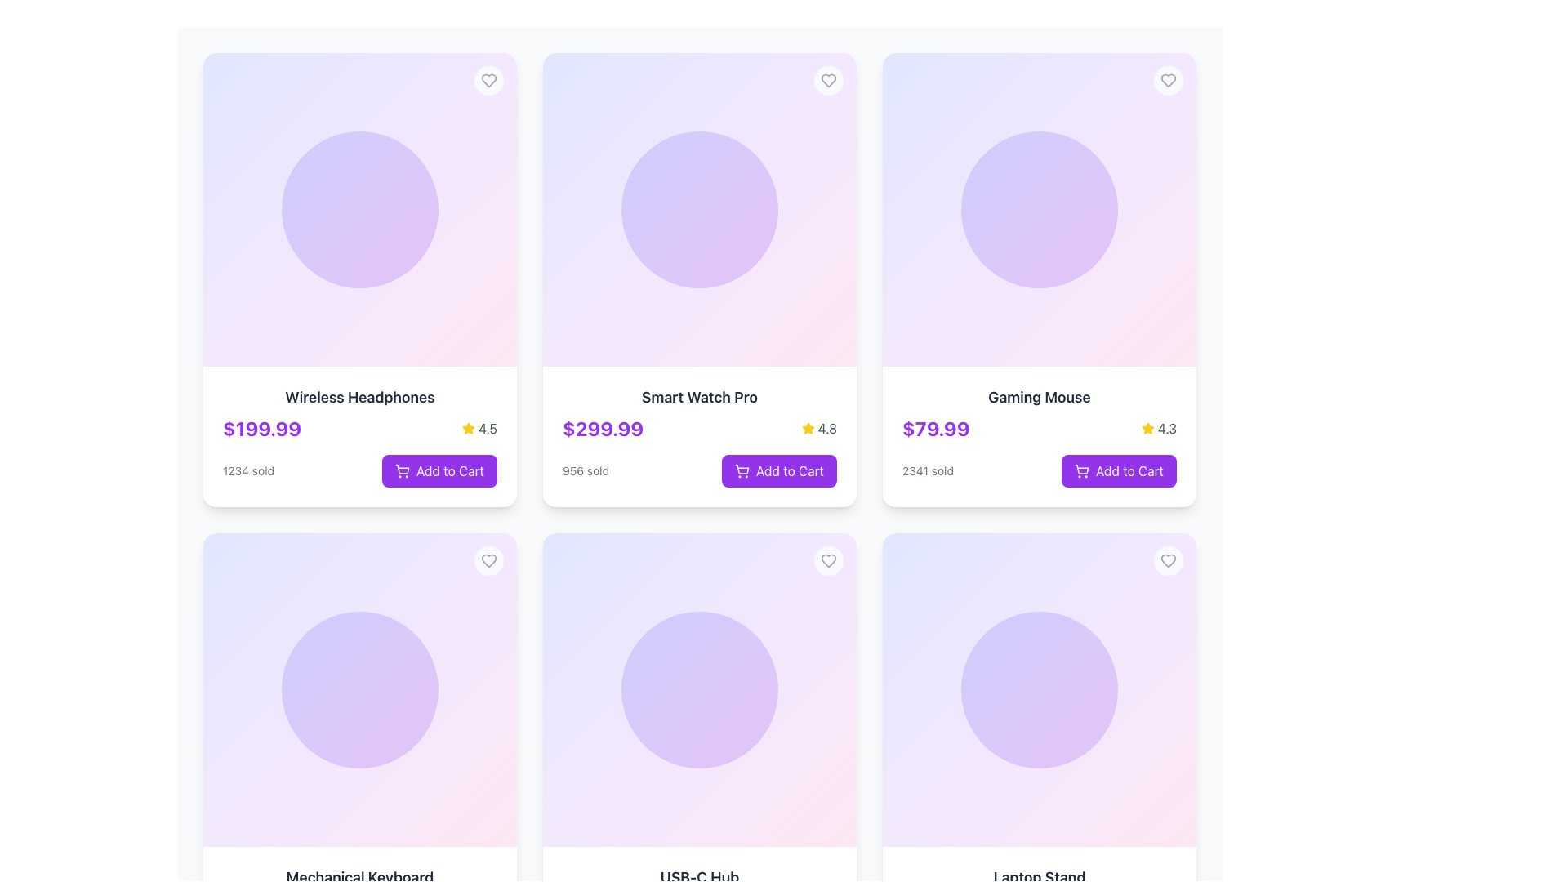 The height and width of the screenshot is (882, 1568). I want to click on the decorative circle element located at the center of the Wireless Headphones product card, positioned above the price and details, so click(359, 209).